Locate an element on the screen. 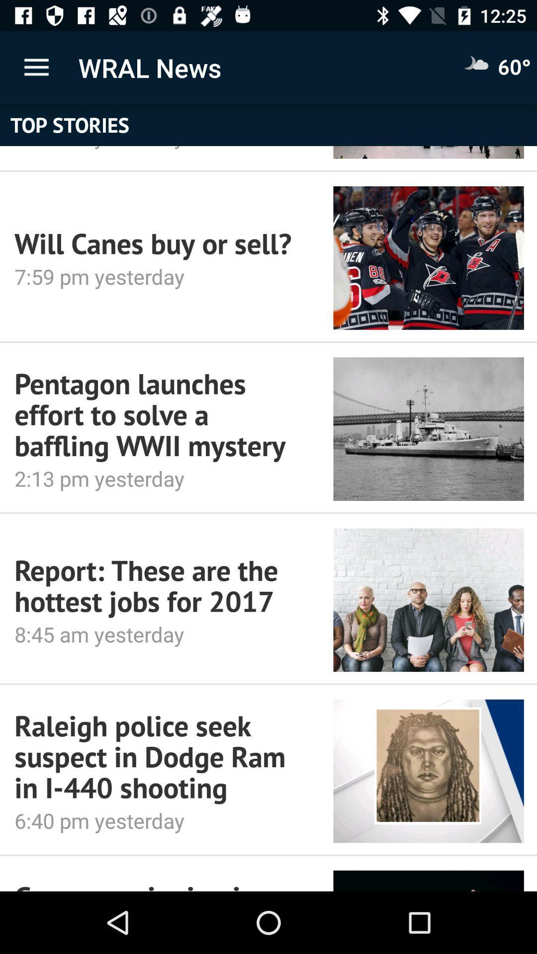 This screenshot has width=537, height=954. the item to the right of the pentagon launches effort is located at coordinates (428, 429).